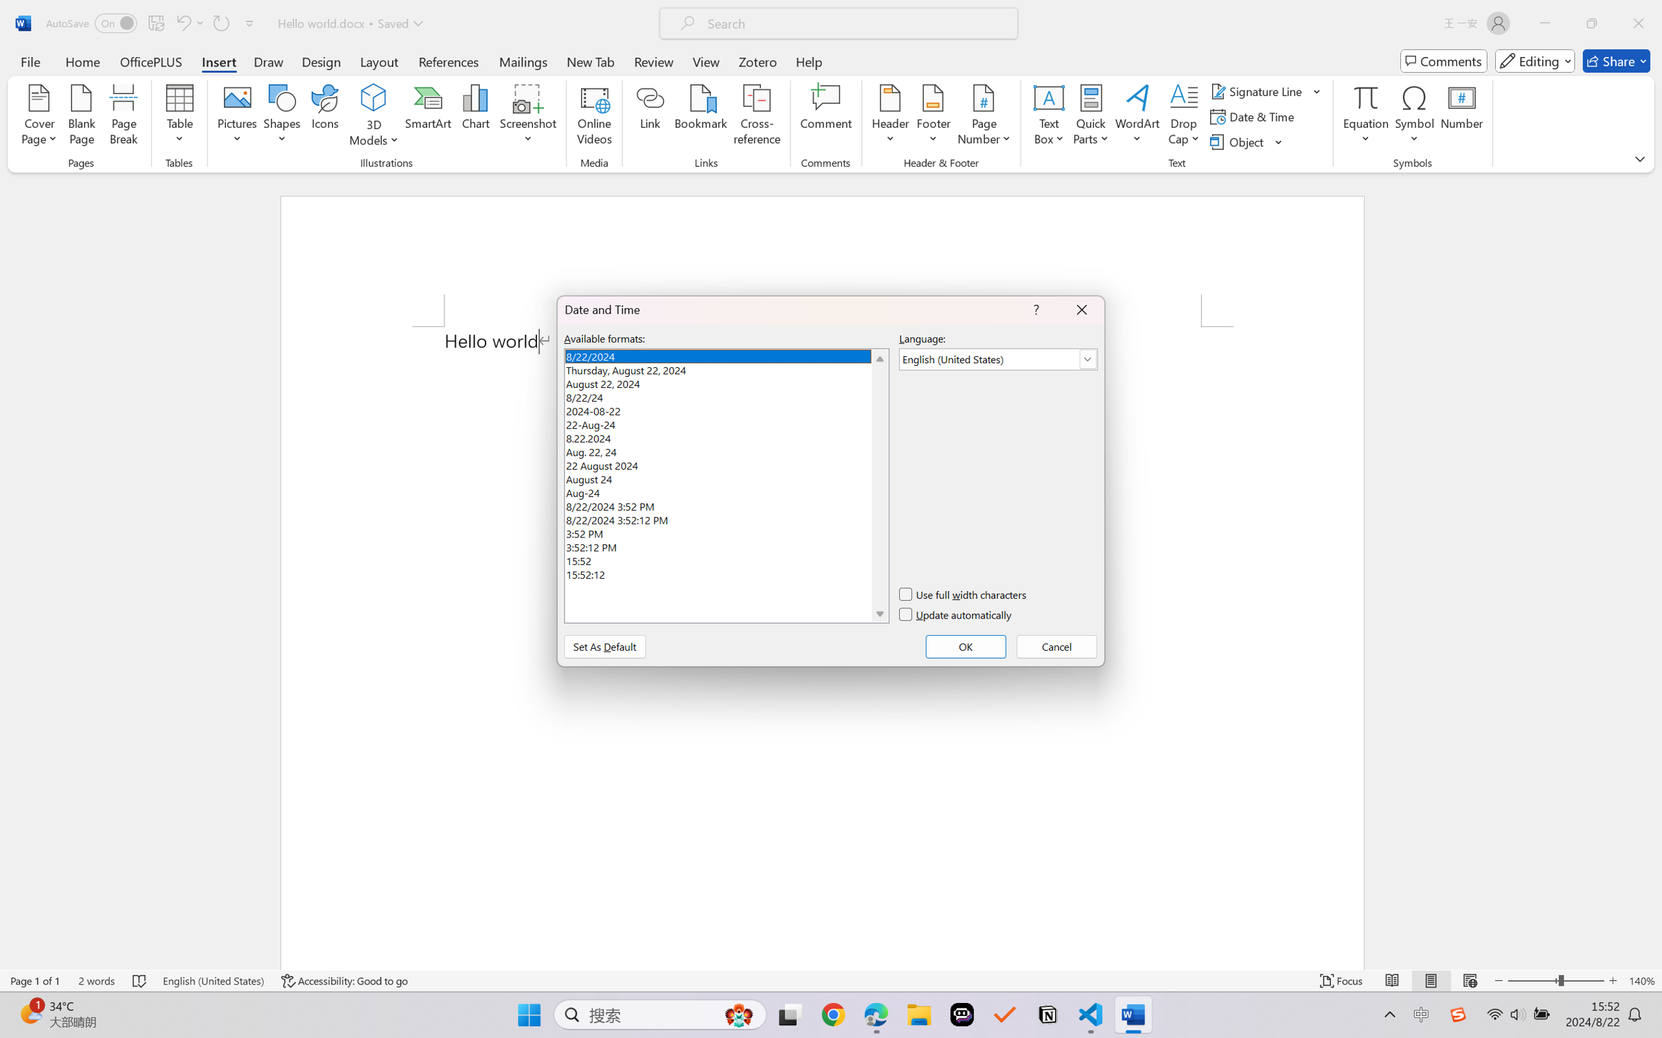  I want to click on 'Insert', so click(218, 60).